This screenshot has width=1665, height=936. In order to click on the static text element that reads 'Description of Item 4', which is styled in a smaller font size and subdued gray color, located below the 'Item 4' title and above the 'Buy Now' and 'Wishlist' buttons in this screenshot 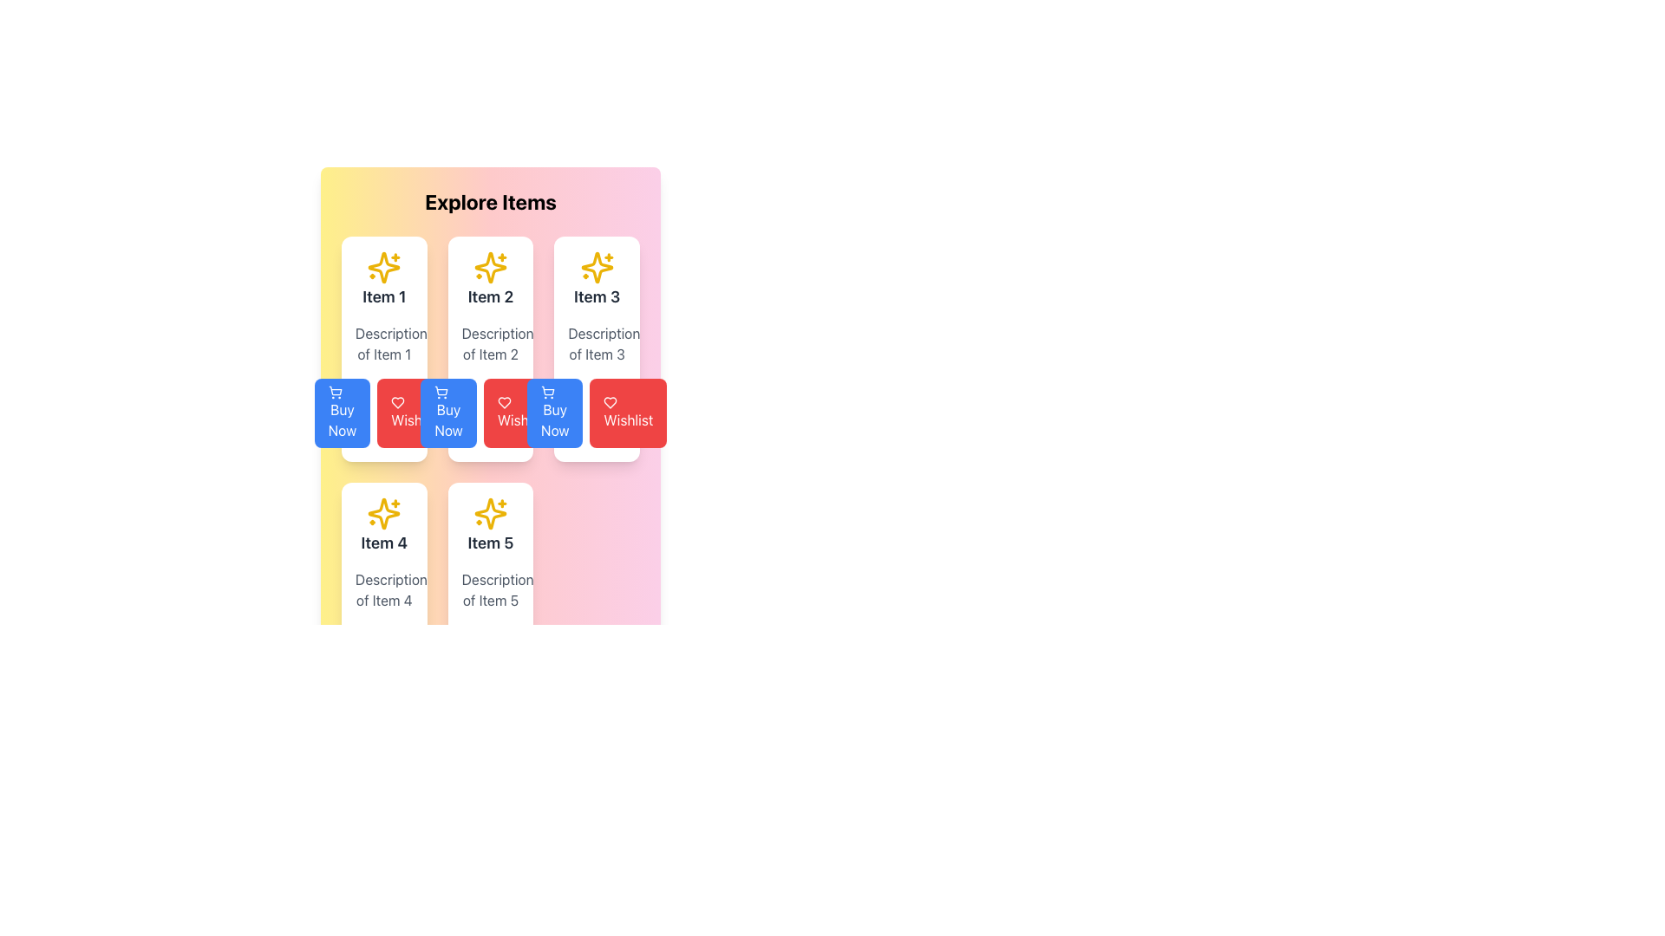, I will do `click(383, 589)`.